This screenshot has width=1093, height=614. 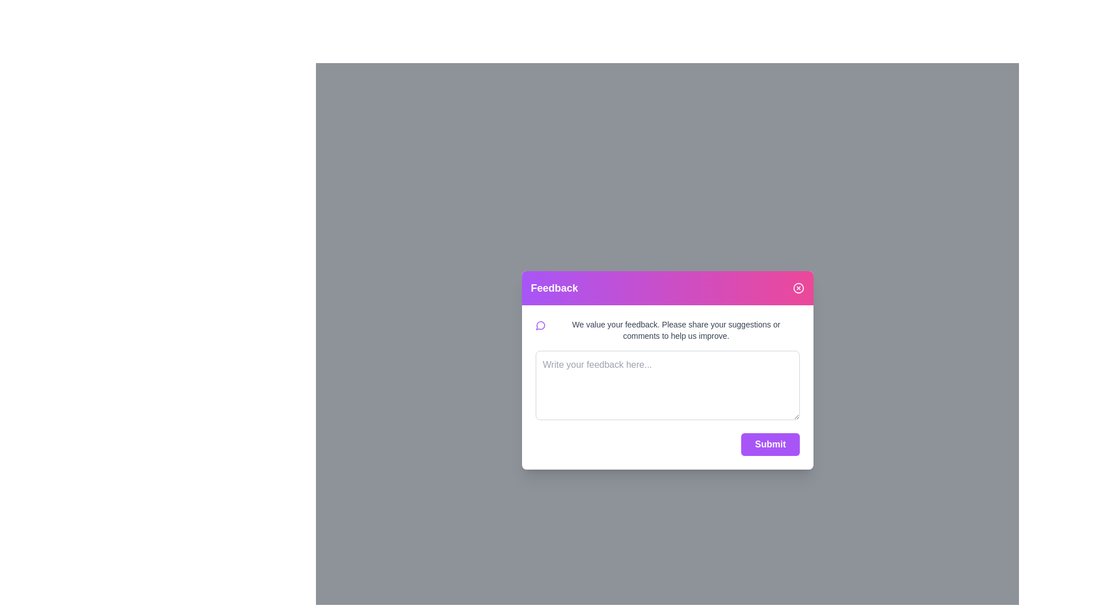 What do you see at coordinates (770, 443) in the screenshot?
I see `the submit button to submit the feedback` at bounding box center [770, 443].